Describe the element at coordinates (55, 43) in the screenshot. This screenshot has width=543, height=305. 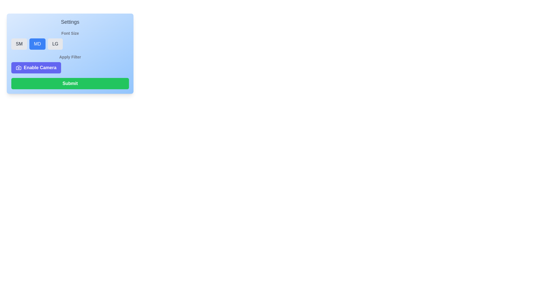
I see `the 'Large' font size button using keyboard navigation` at that location.